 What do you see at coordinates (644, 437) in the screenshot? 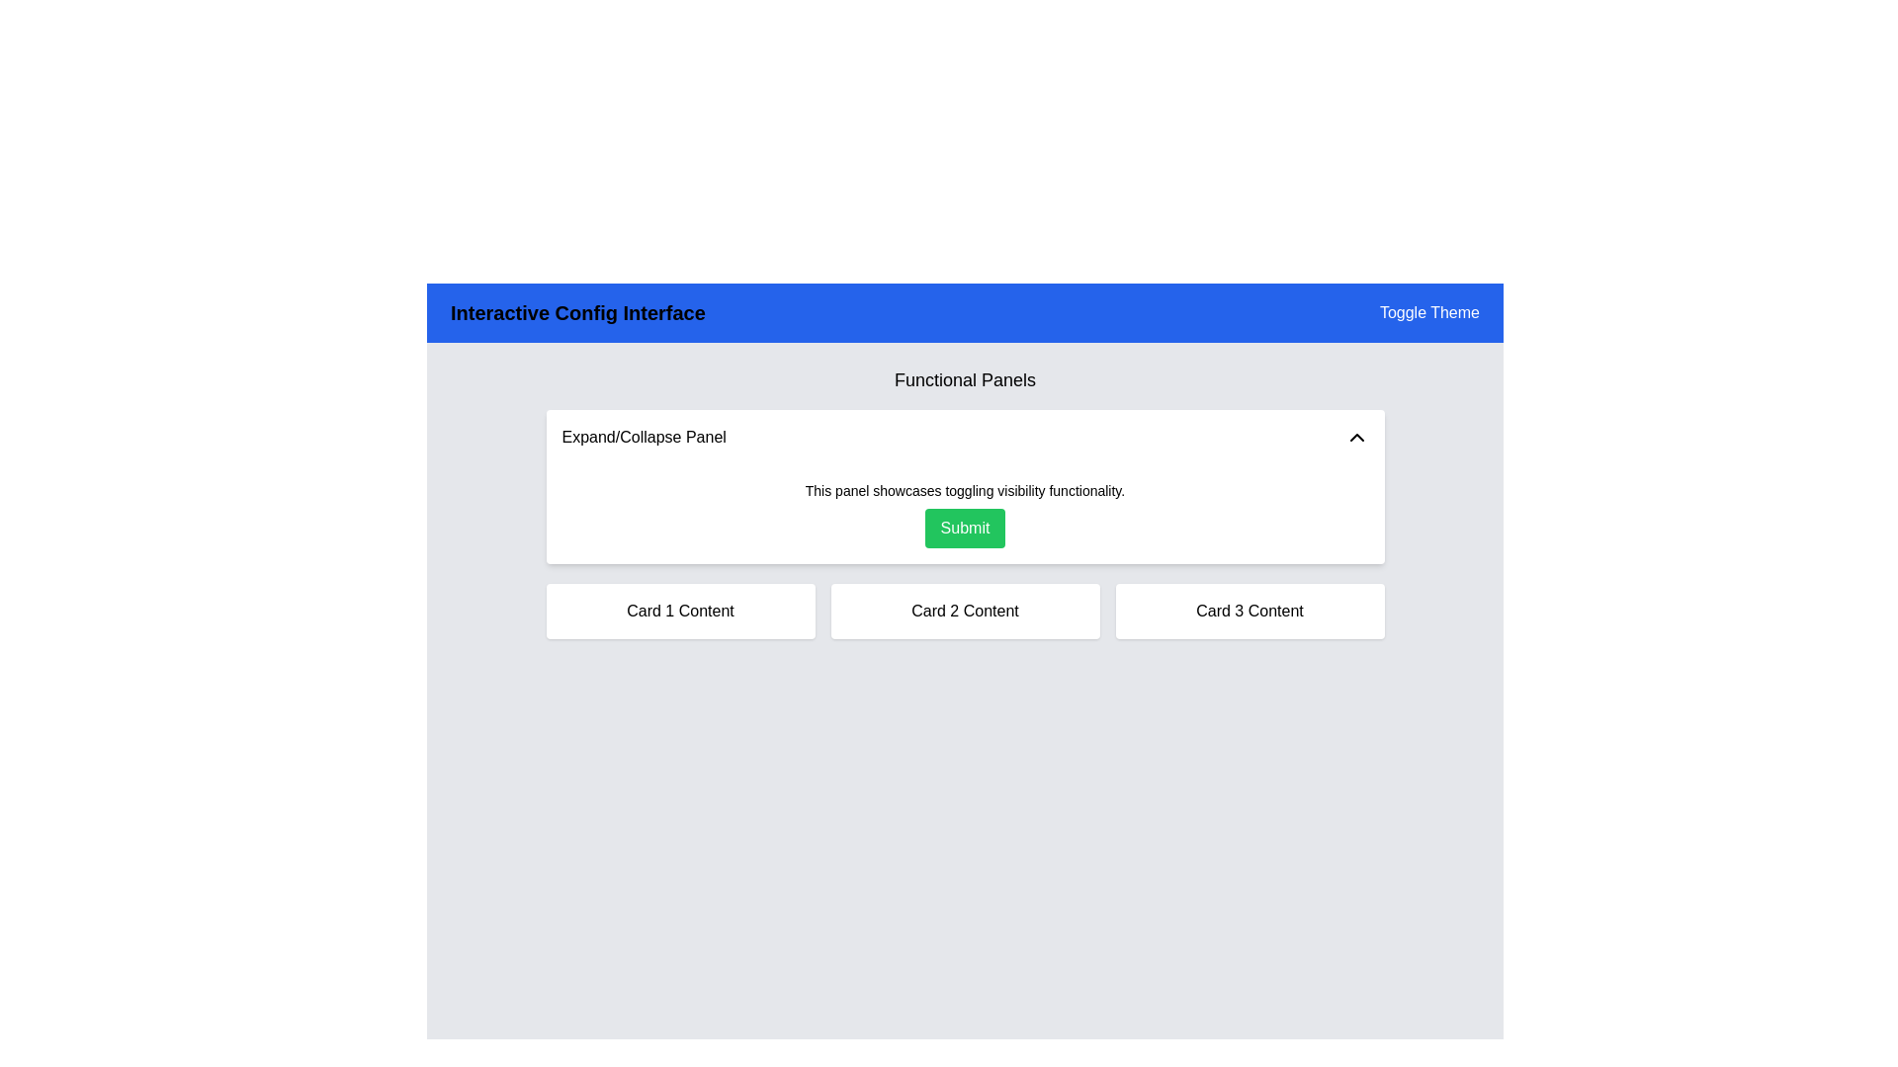
I see `the text label displaying 'Expand/Collapse Panel', which is located at the top-left of its enclosing panel, adjacent to an up arrow icon` at bounding box center [644, 437].